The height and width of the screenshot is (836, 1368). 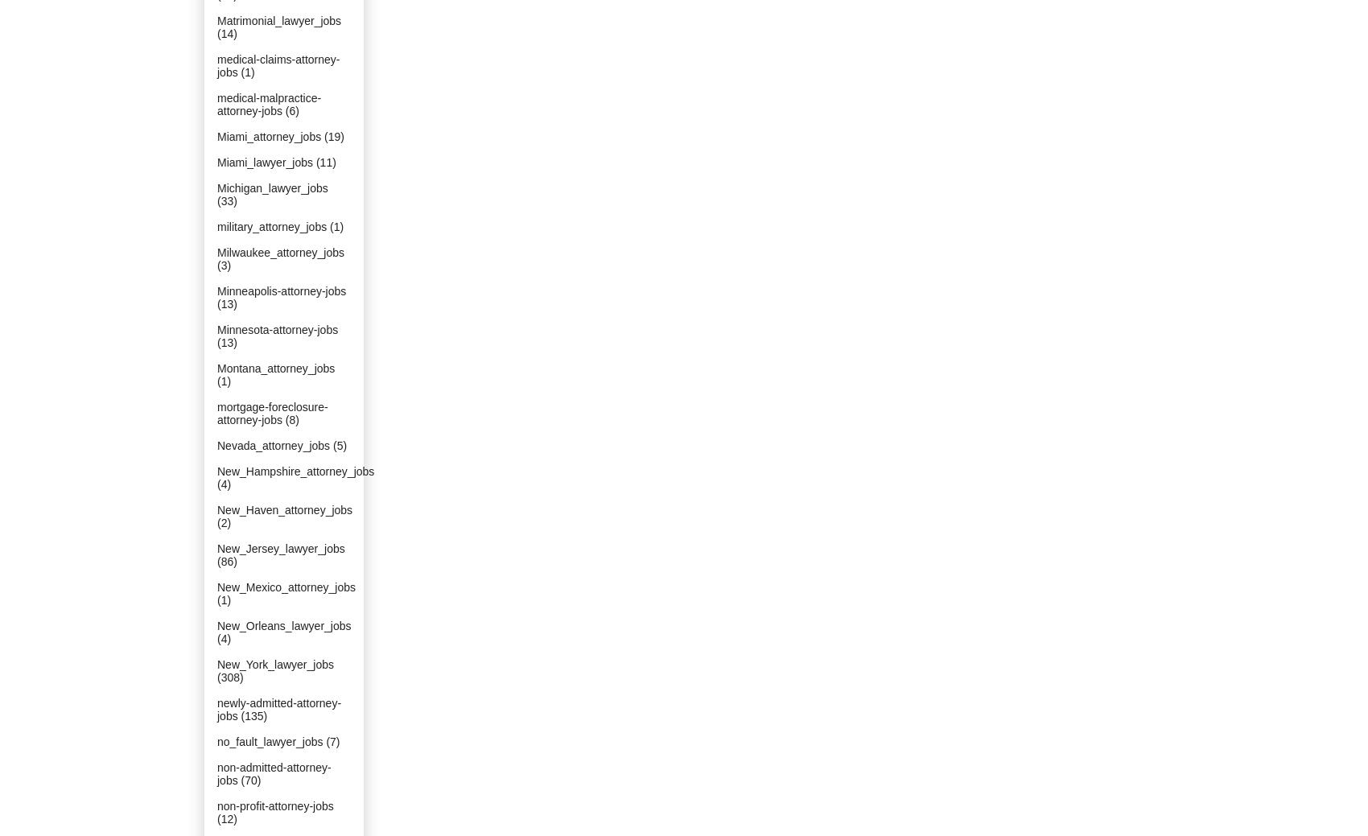 What do you see at coordinates (253, 716) in the screenshot?
I see `'(135)'` at bounding box center [253, 716].